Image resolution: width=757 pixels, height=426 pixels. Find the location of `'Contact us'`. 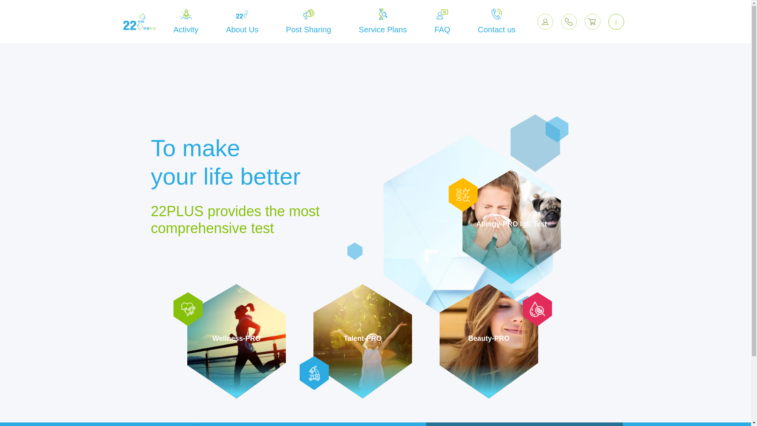

'Contact us' is located at coordinates (496, 21).